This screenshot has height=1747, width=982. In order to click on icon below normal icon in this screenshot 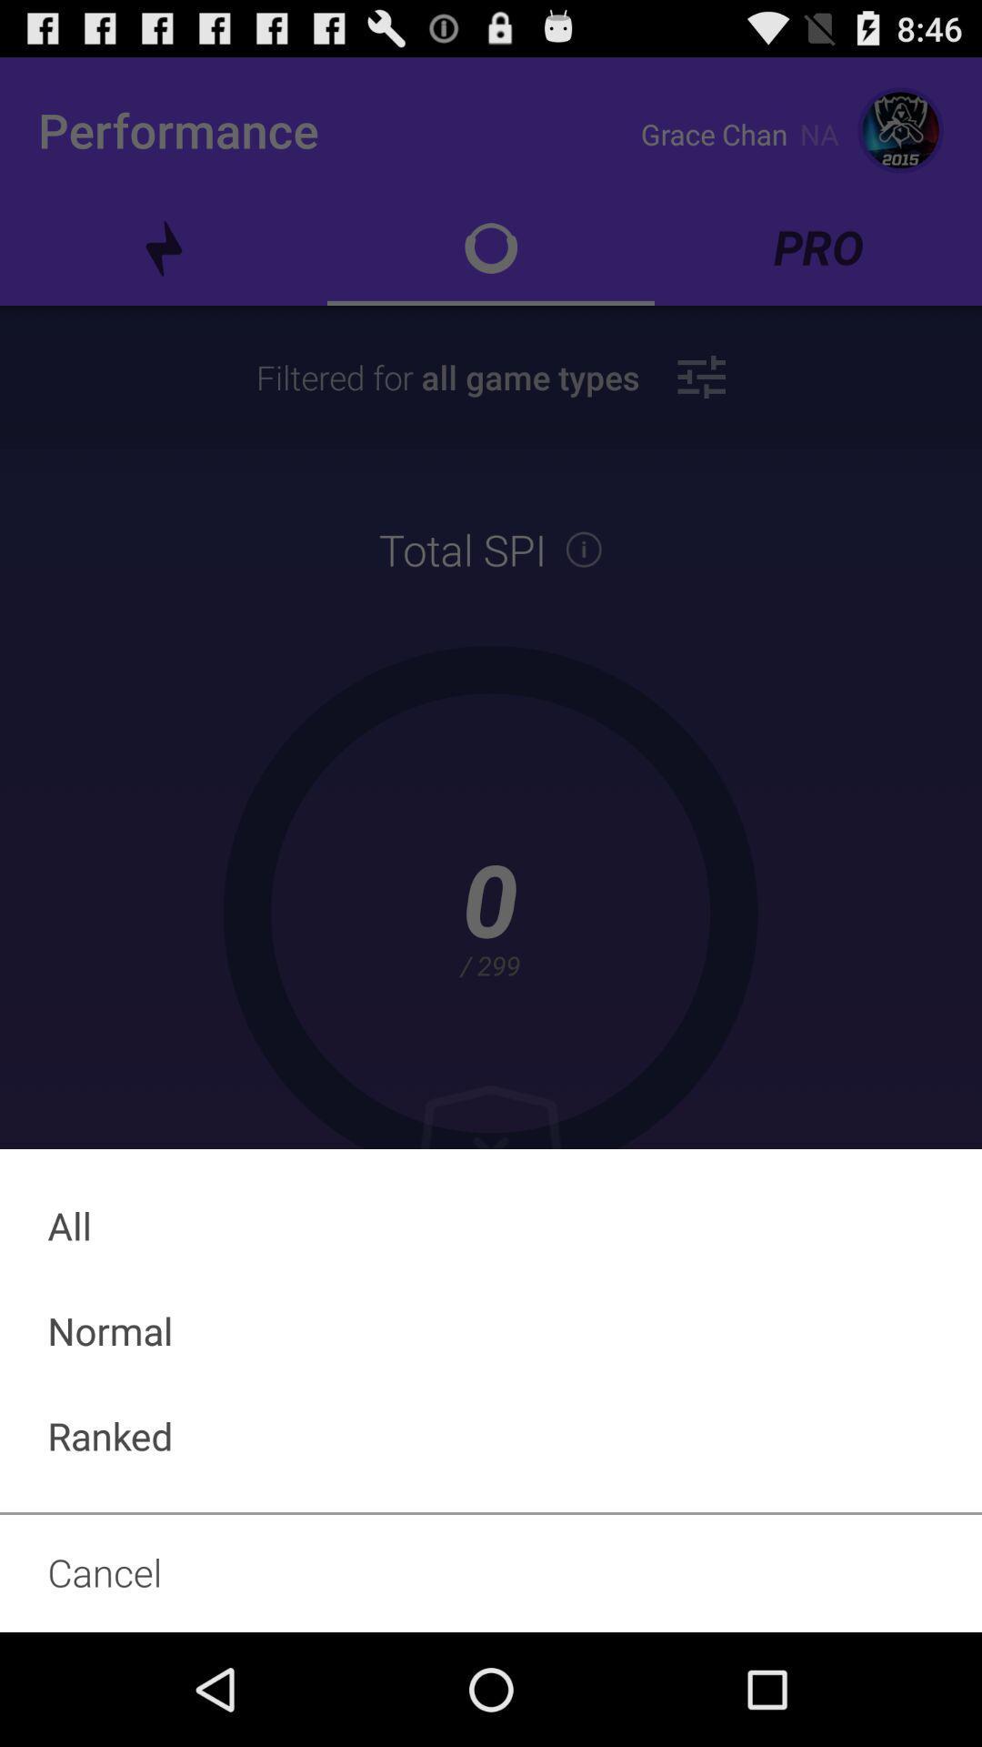, I will do `click(491, 1435)`.